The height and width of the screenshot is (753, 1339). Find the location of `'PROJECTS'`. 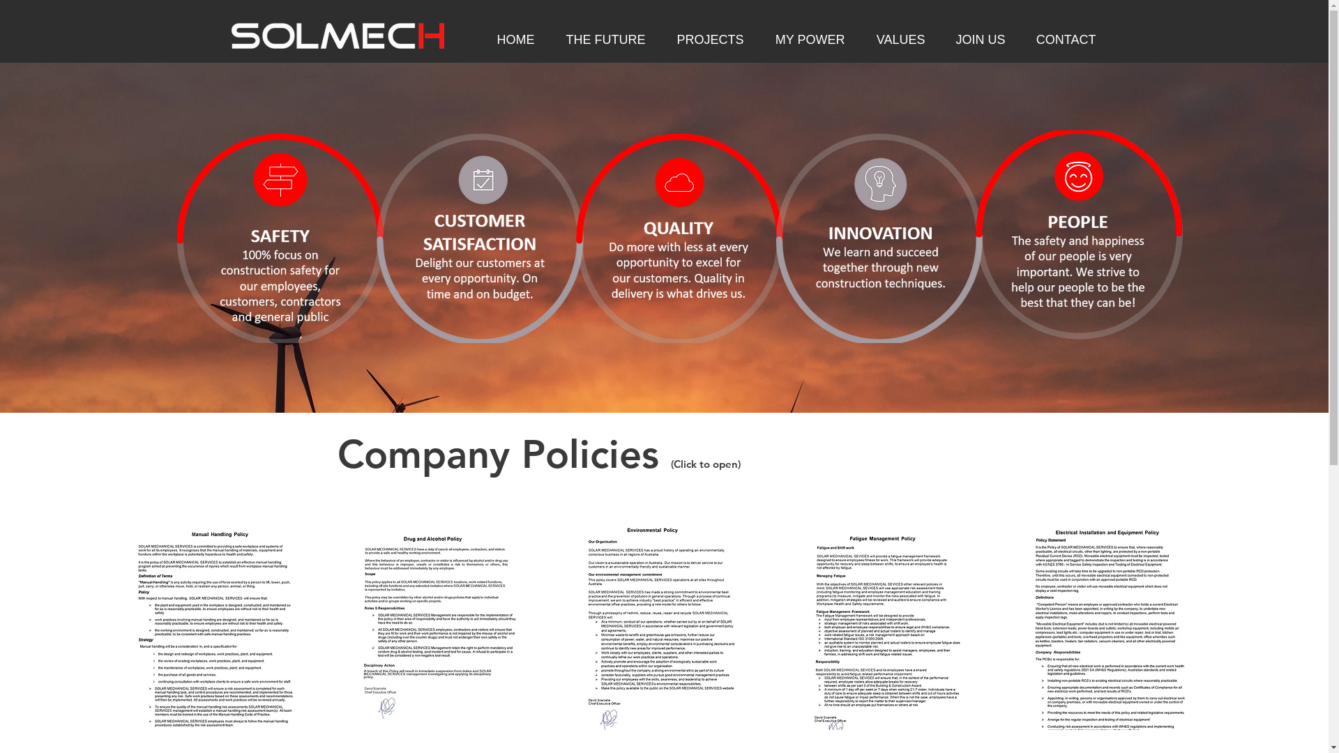

'PROJECTS' is located at coordinates (704, 39).